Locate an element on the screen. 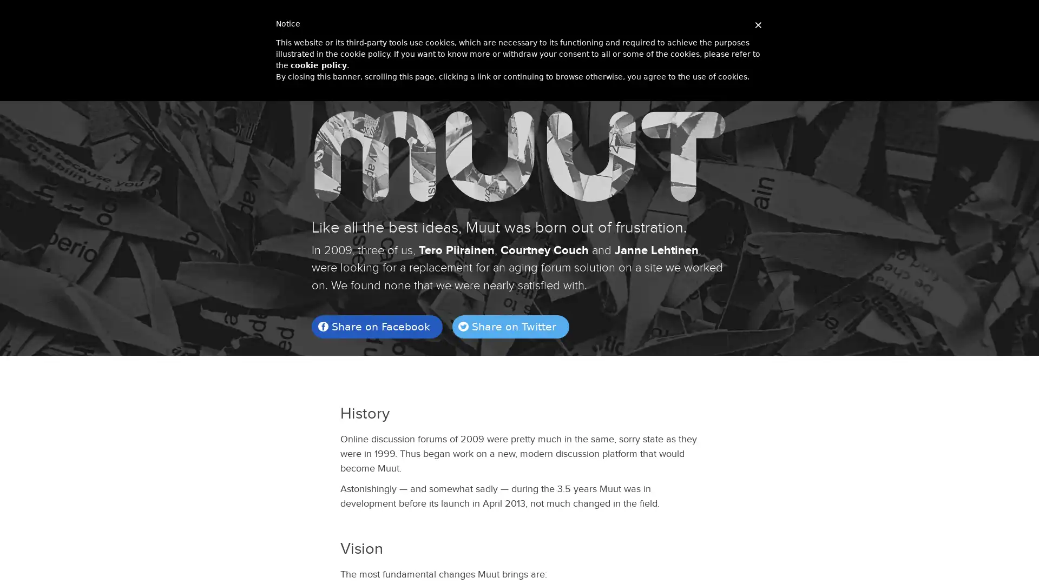 The image size is (1039, 584). F Share on Facebook is located at coordinates (377, 326).